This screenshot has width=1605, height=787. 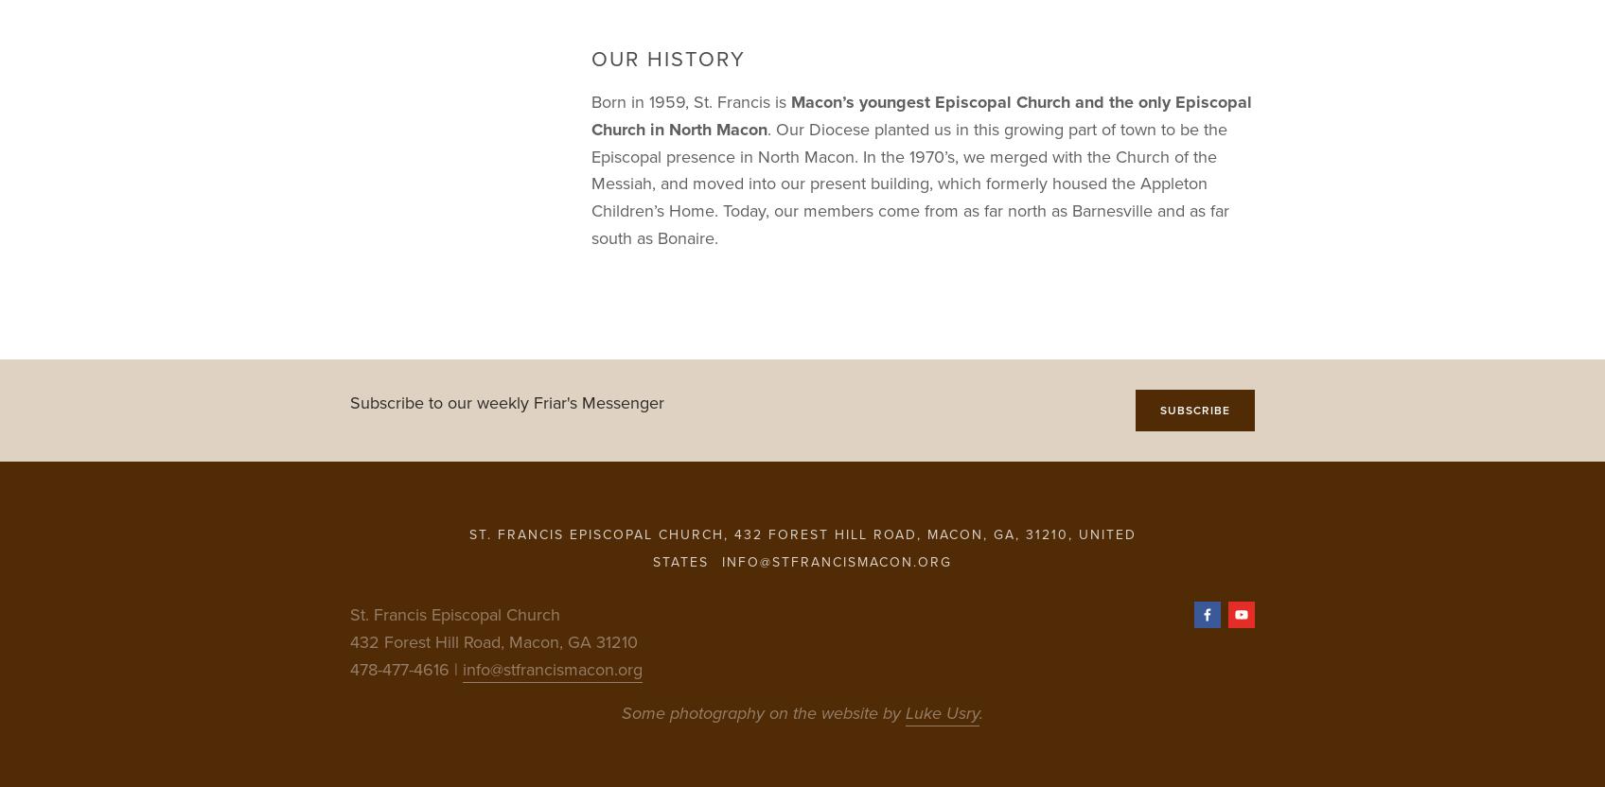 I want to click on 'St. Francis Episcopal Church', so click(x=454, y=614).